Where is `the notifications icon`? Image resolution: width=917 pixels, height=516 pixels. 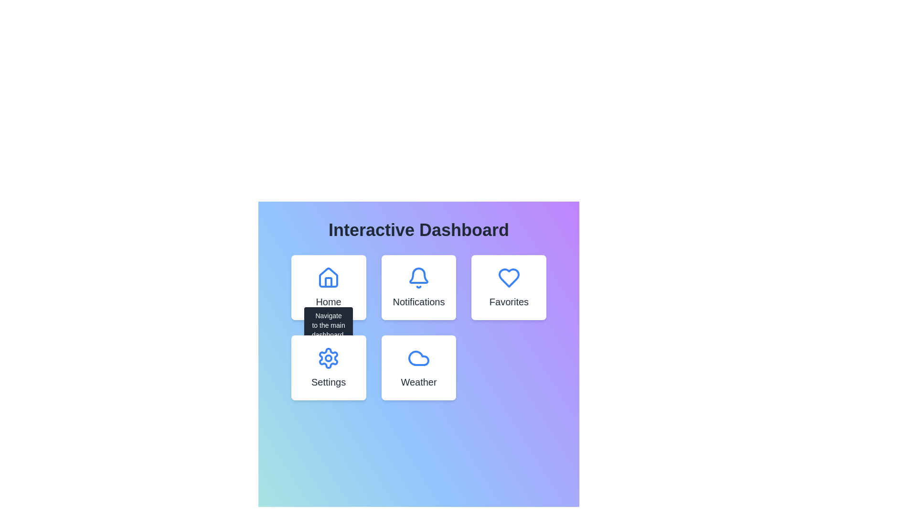
the notifications icon is located at coordinates (419, 278).